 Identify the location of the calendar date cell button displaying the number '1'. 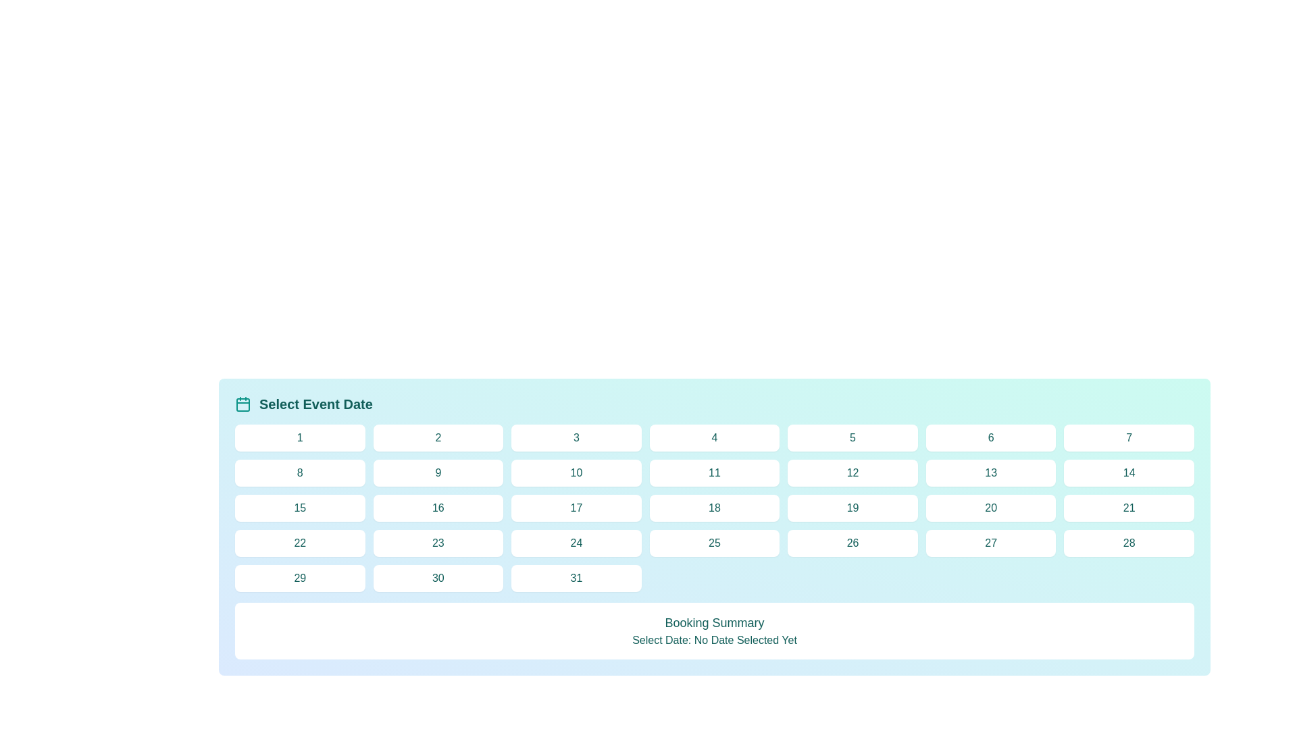
(299, 437).